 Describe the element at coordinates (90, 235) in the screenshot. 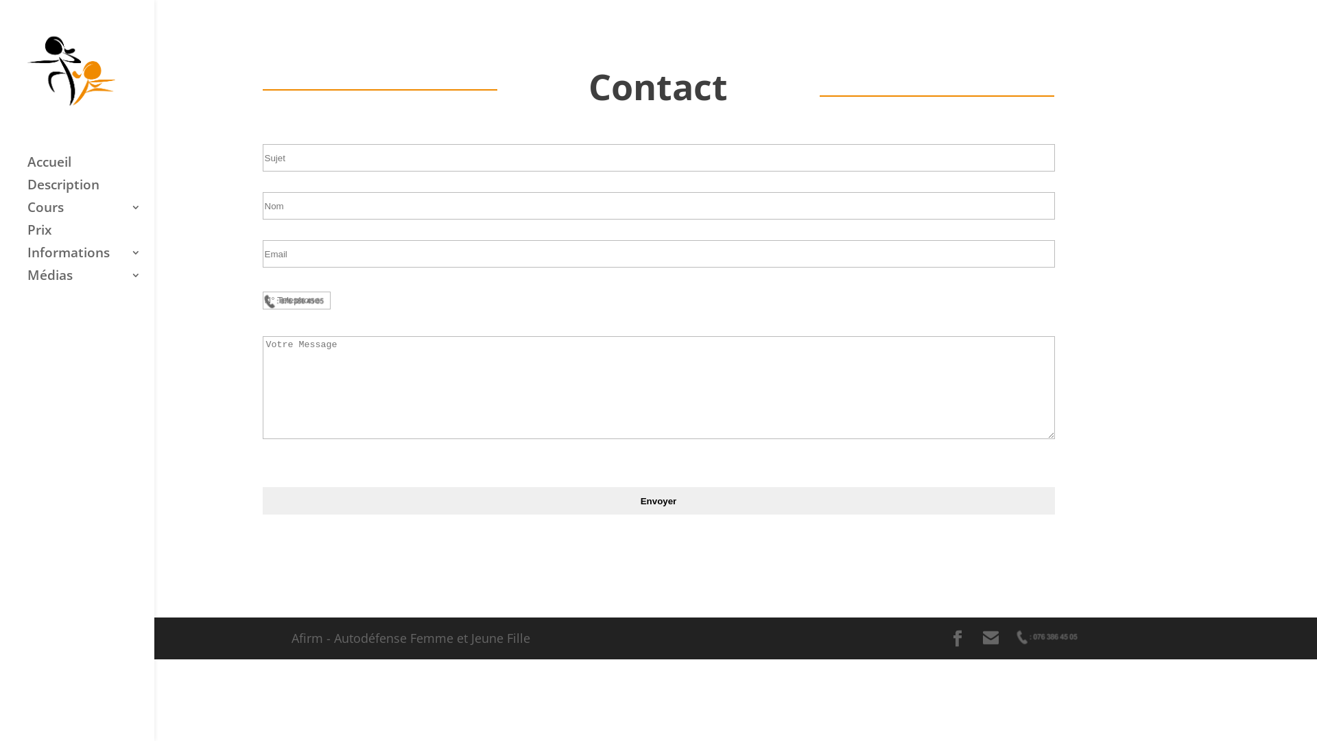

I see `'Prix'` at that location.